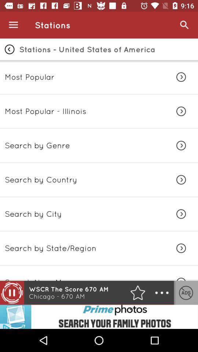 Image resolution: width=198 pixels, height=352 pixels. What do you see at coordinates (137, 293) in the screenshot?
I see `the star icon` at bounding box center [137, 293].